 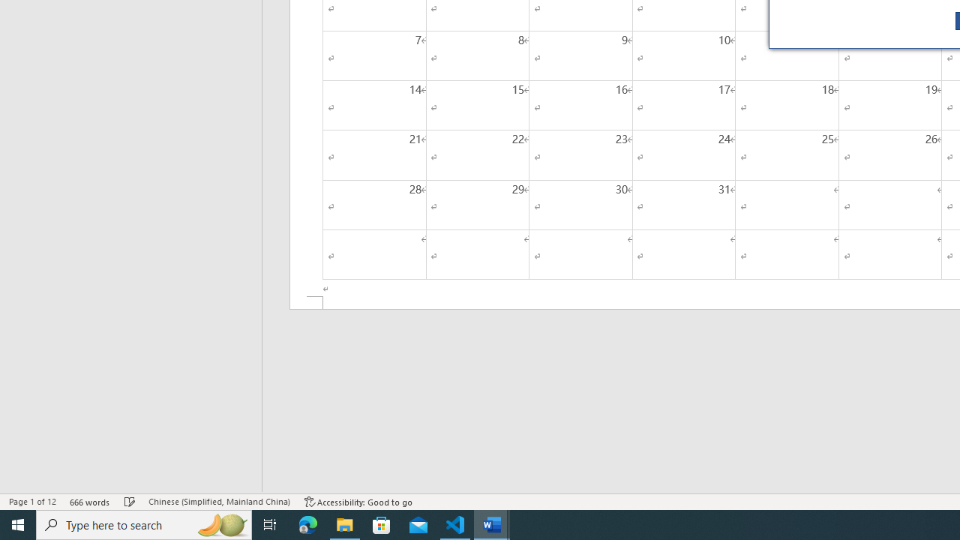 I want to click on 'Accessibility Checker Accessibility: Good to go', so click(x=358, y=502).